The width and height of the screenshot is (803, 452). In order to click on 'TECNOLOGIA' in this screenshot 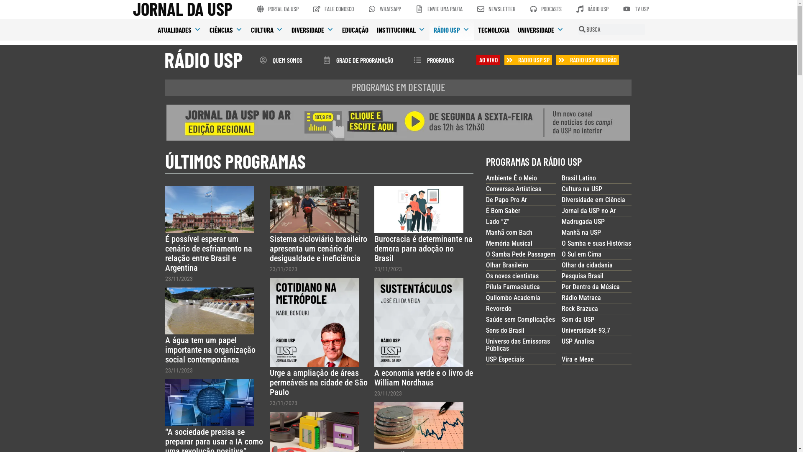, I will do `click(494, 29)`.